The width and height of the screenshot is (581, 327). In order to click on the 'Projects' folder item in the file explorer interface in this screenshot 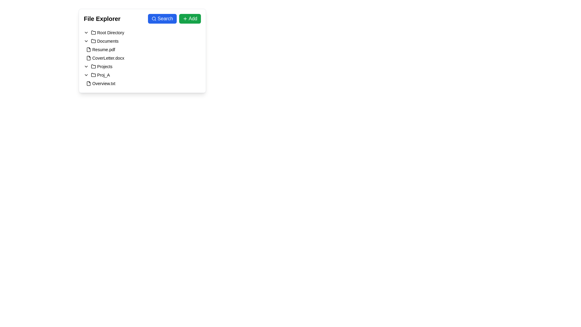, I will do `click(142, 66)`.